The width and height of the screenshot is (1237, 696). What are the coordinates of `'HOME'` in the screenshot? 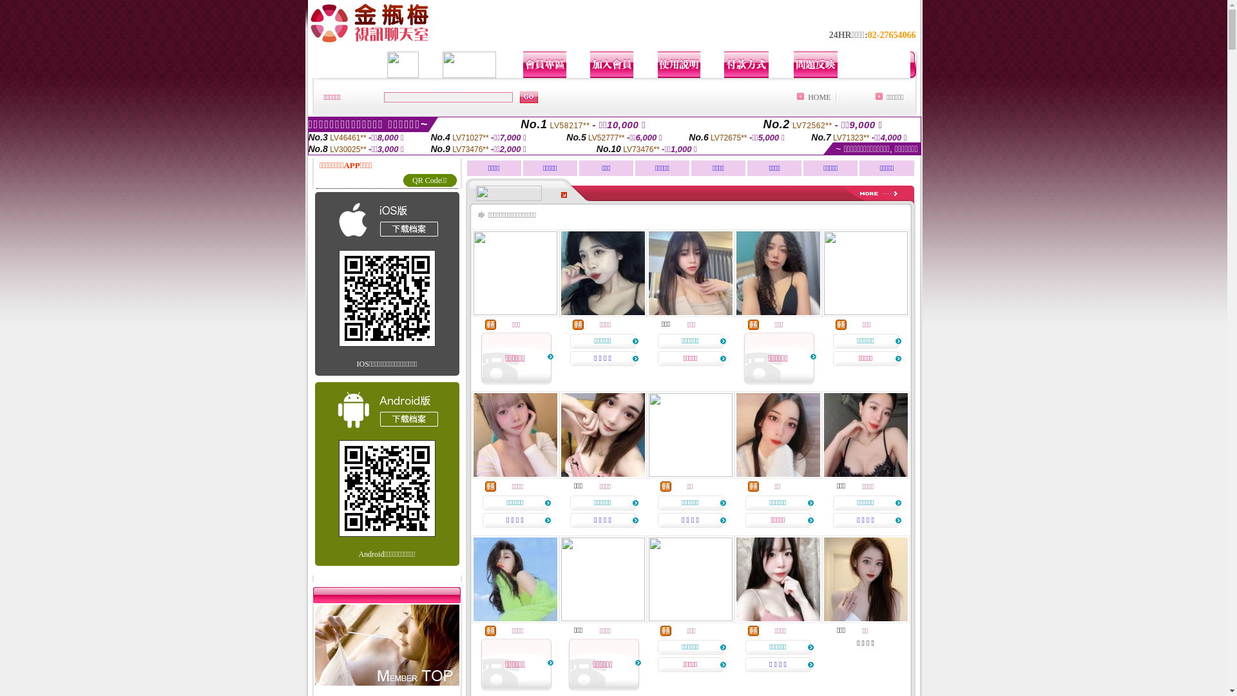 It's located at (818, 96).